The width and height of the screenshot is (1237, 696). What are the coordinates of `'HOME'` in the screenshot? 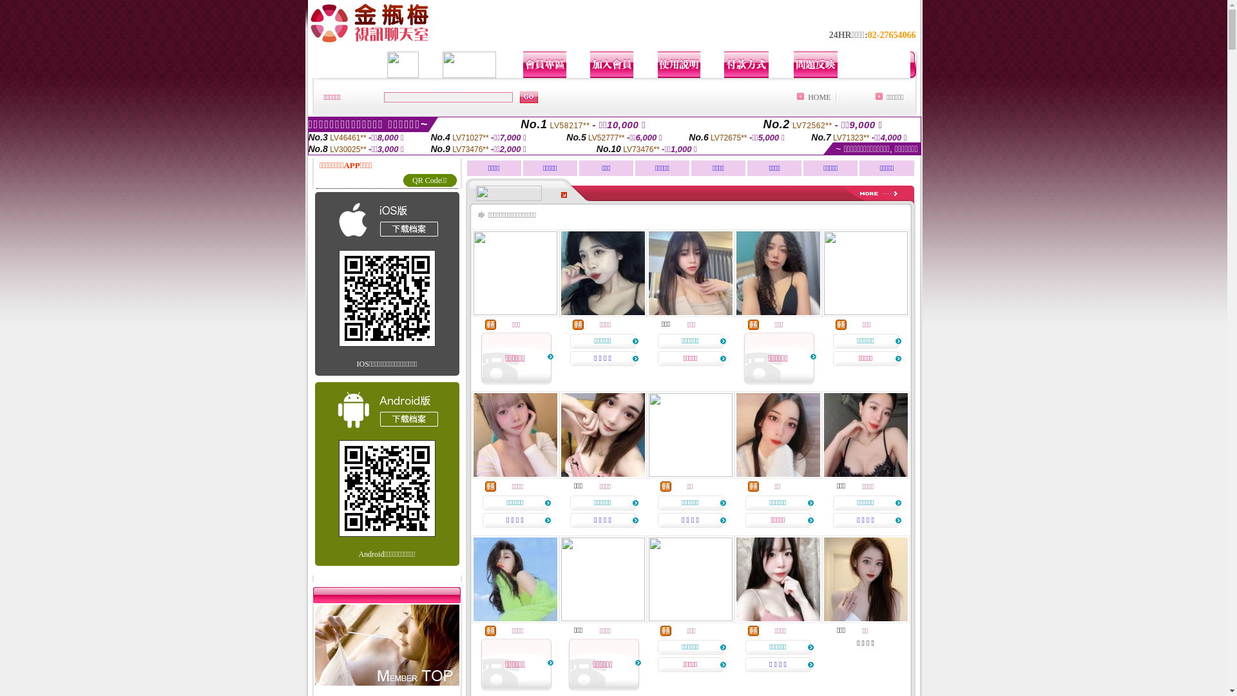 It's located at (818, 96).